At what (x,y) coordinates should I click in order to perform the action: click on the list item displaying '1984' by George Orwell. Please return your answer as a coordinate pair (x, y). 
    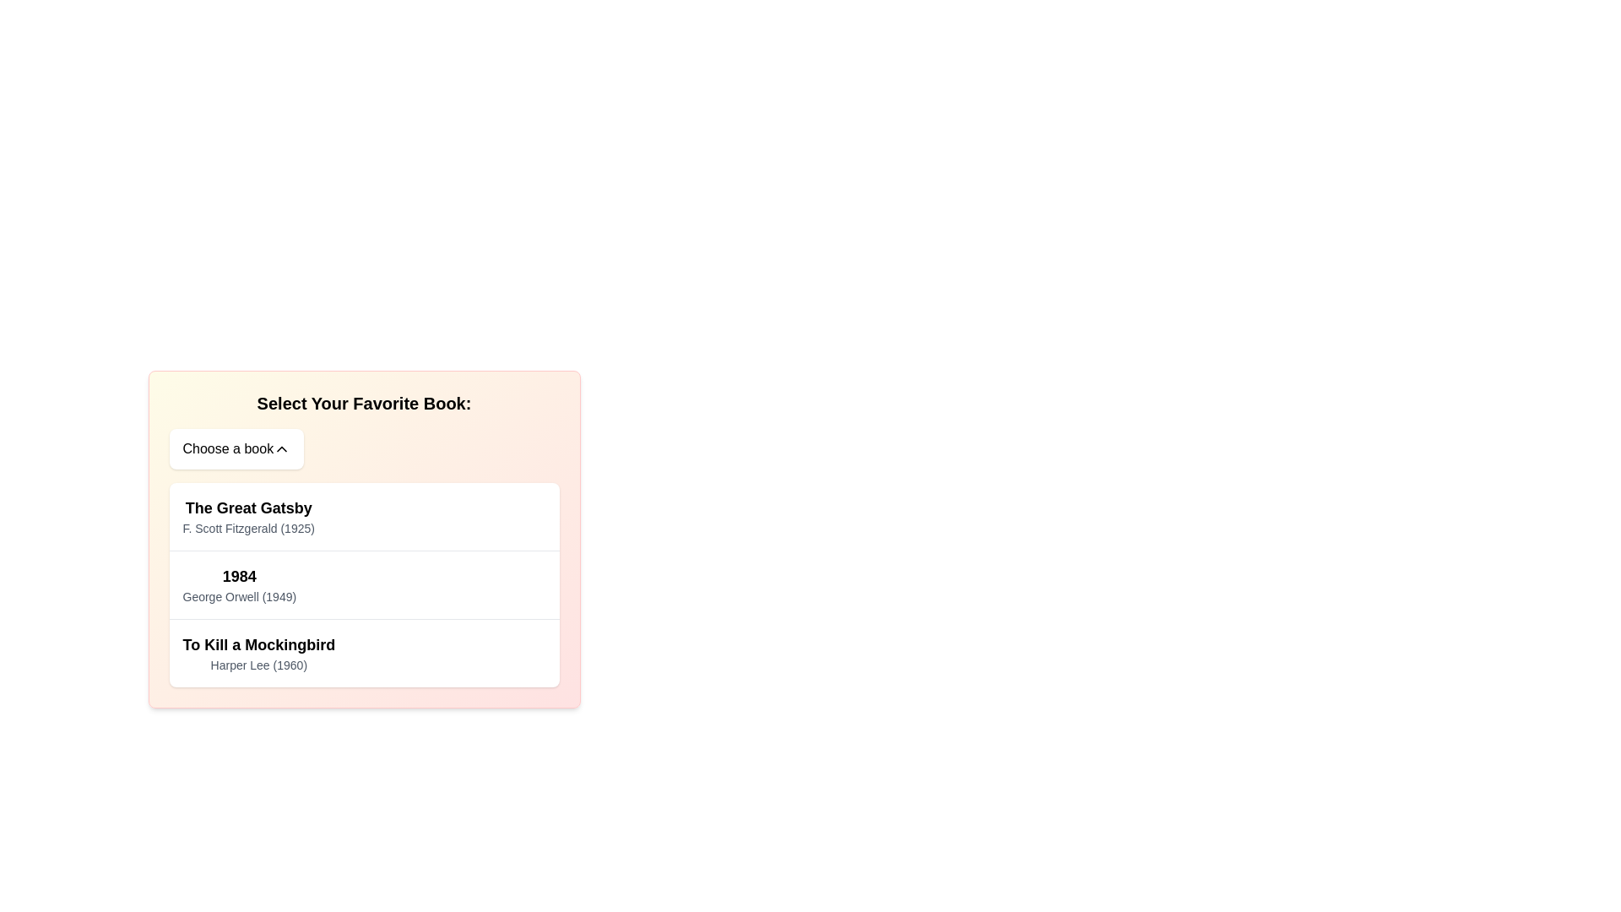
    Looking at the image, I should click on (238, 584).